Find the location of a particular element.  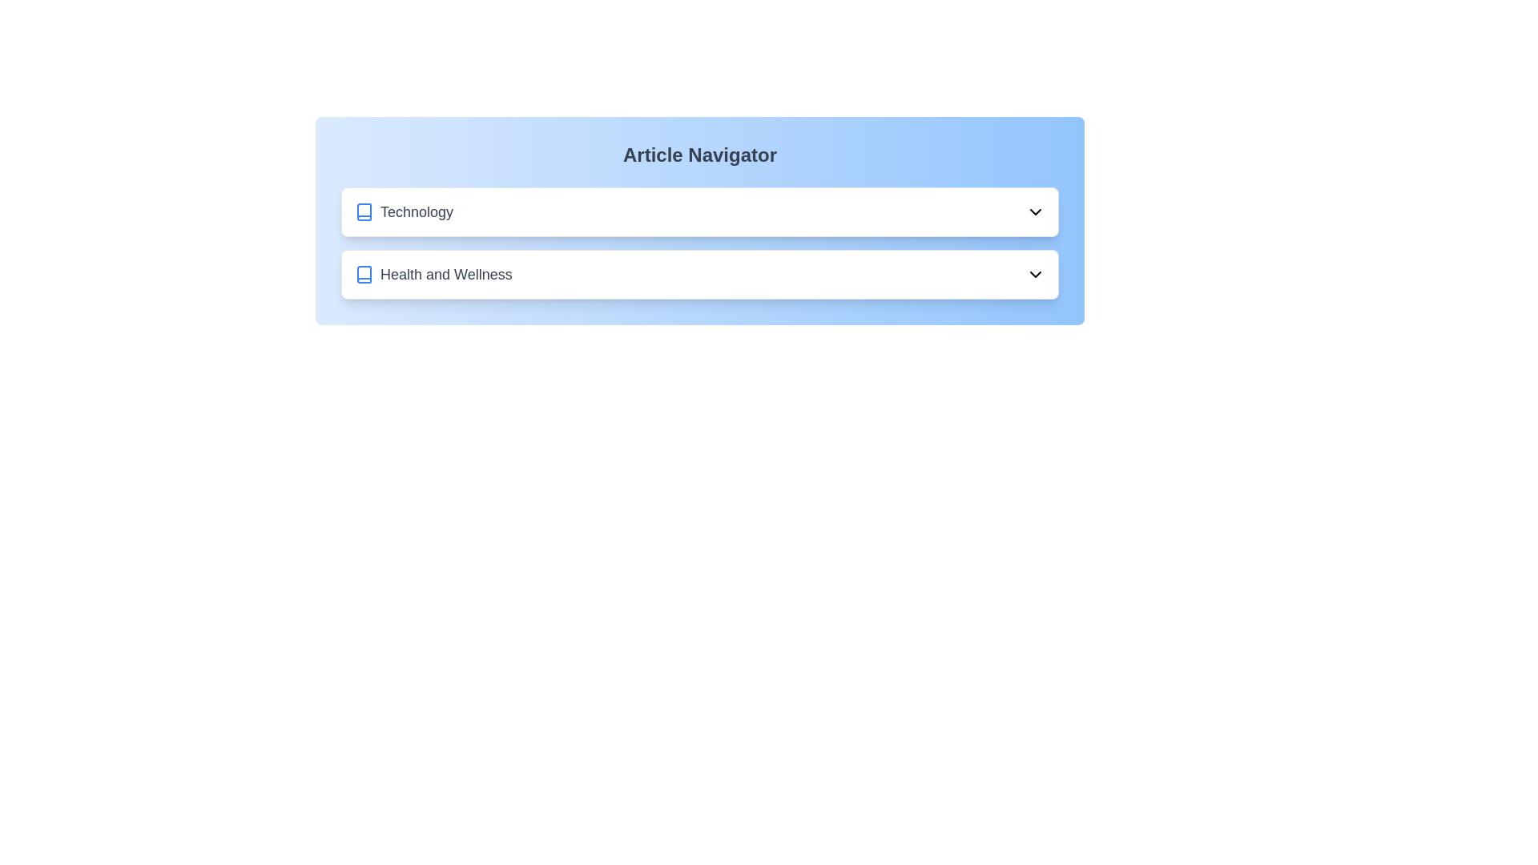

the text label that serves as a descriptor for the second selectable category in the 'Article Navigator', which is positioned to the right of a blue book icon is located at coordinates (446, 274).